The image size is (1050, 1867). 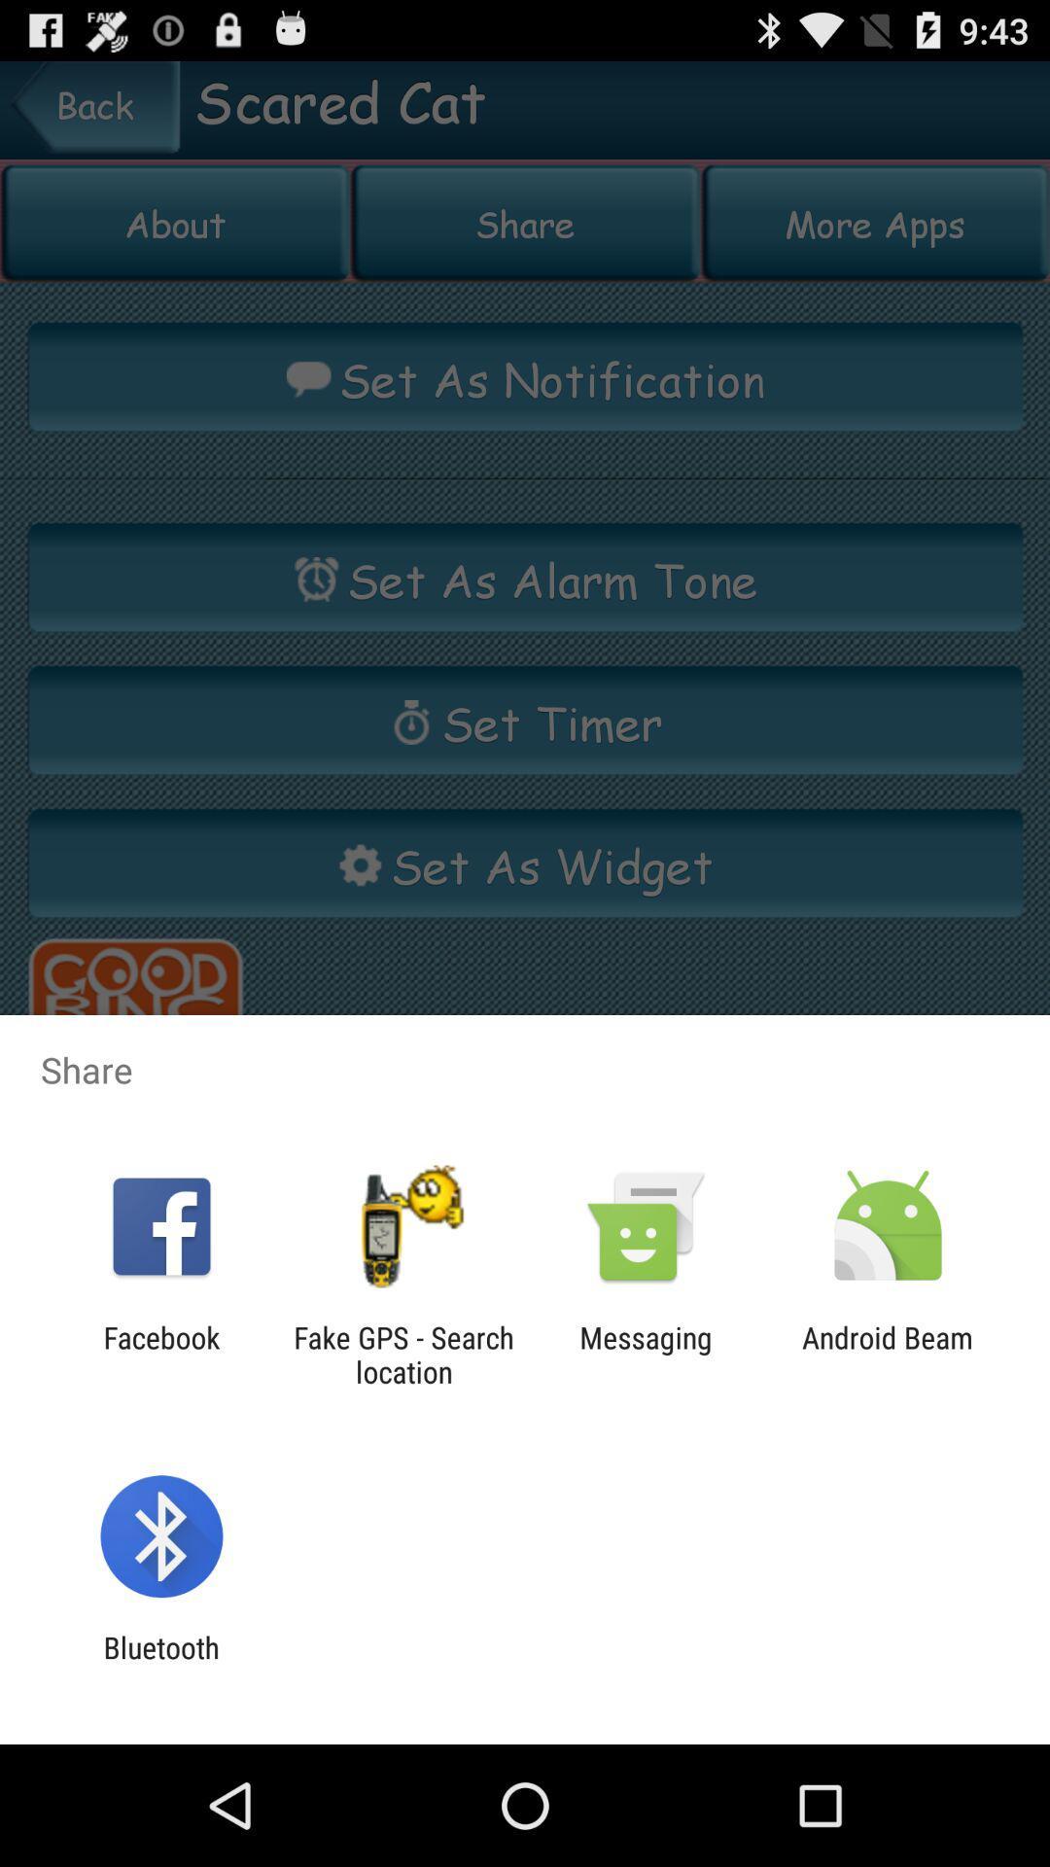 What do you see at coordinates (646, 1354) in the screenshot?
I see `messaging icon` at bounding box center [646, 1354].